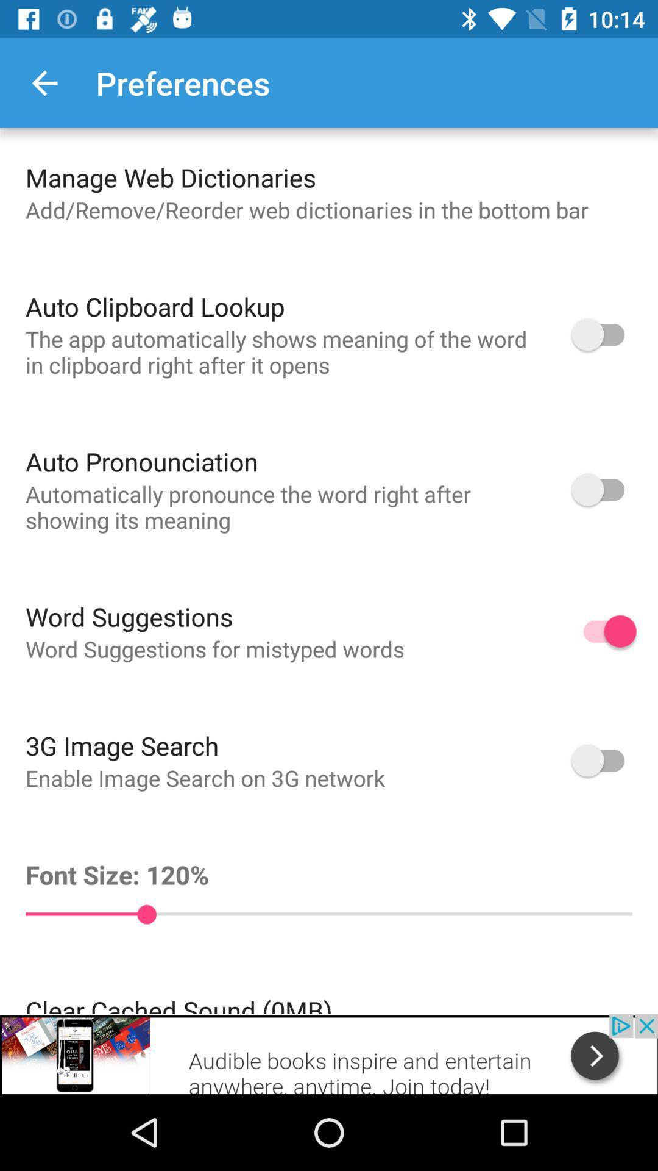 The height and width of the screenshot is (1171, 658). What do you see at coordinates (604, 334) in the screenshot?
I see `enable the option` at bounding box center [604, 334].